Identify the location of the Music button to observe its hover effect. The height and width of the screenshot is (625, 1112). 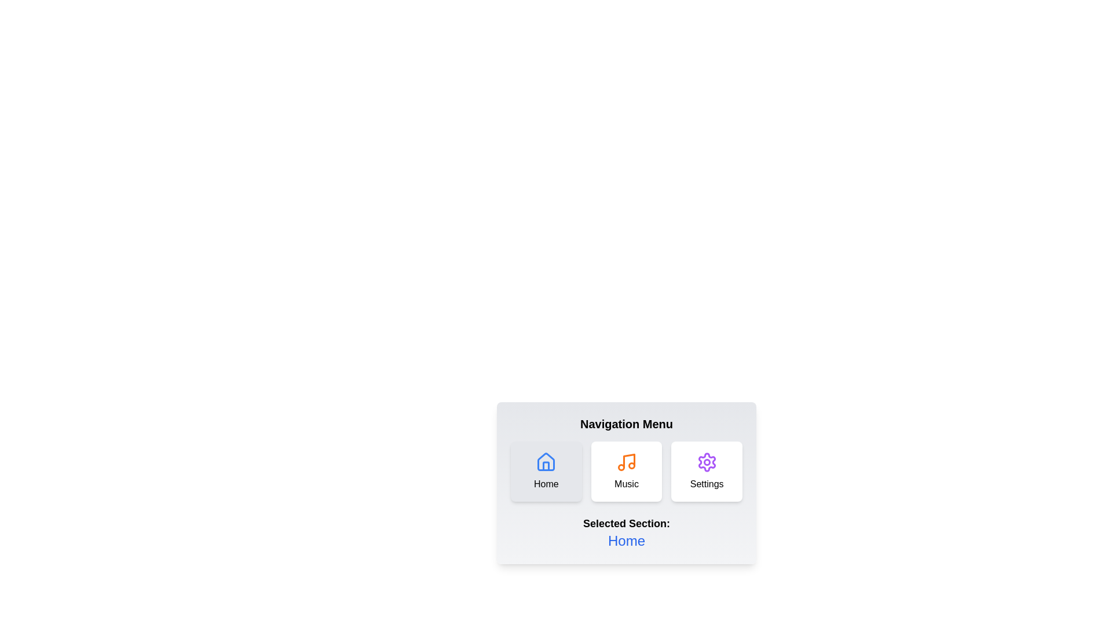
(625, 471).